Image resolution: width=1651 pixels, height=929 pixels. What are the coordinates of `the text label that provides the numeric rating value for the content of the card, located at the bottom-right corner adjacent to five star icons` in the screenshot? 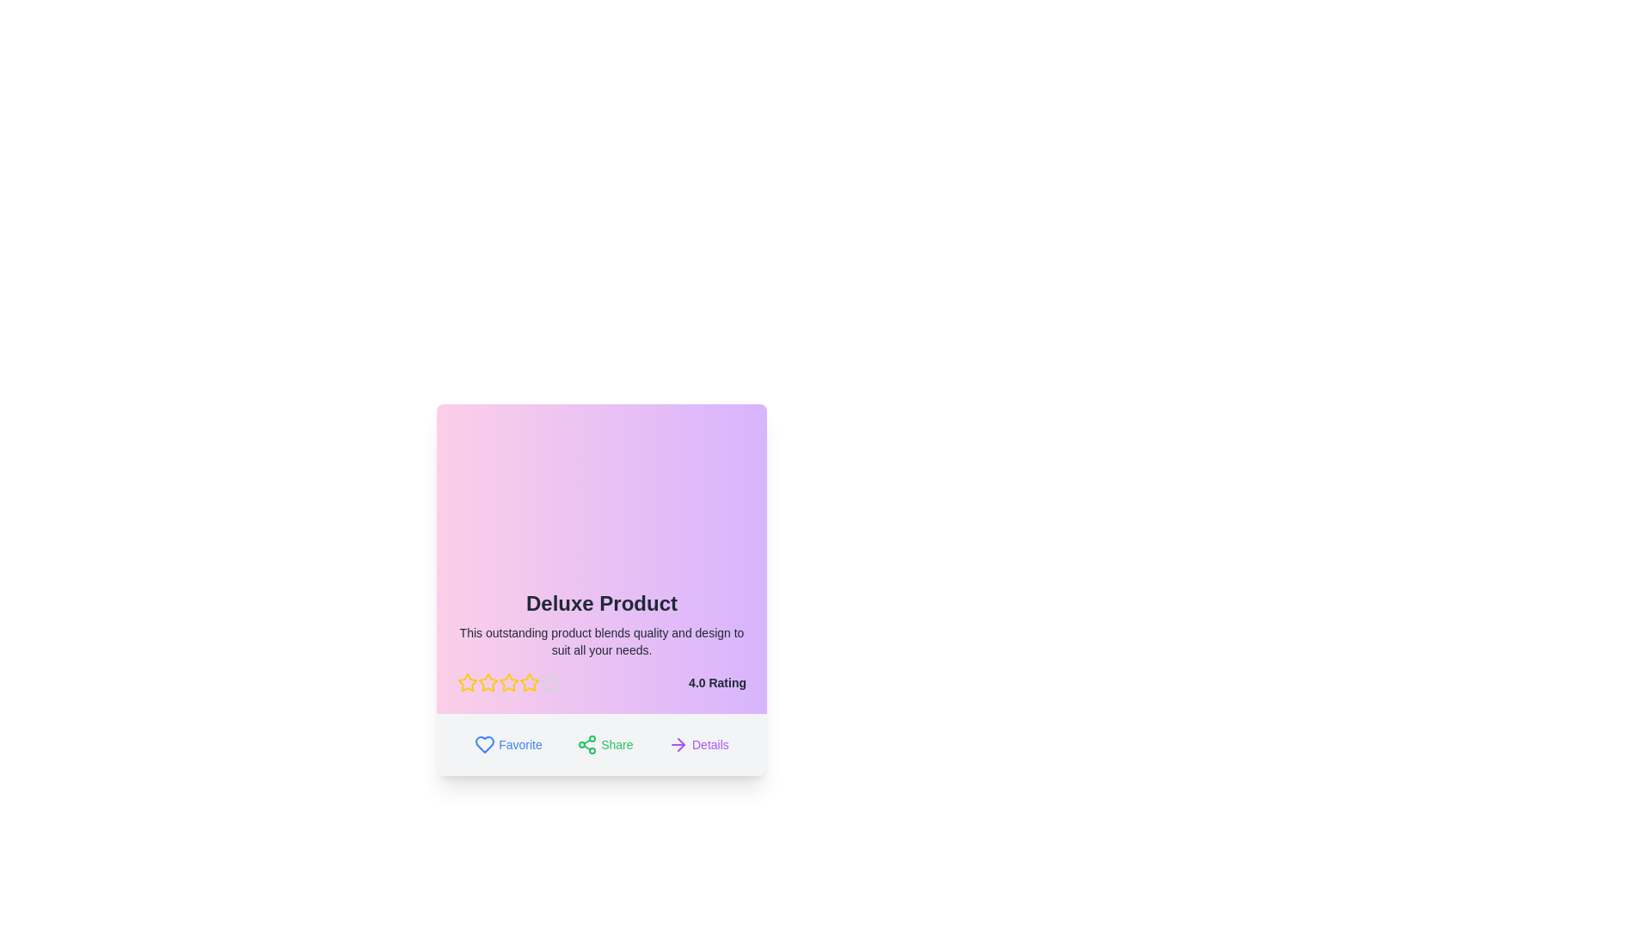 It's located at (717, 682).